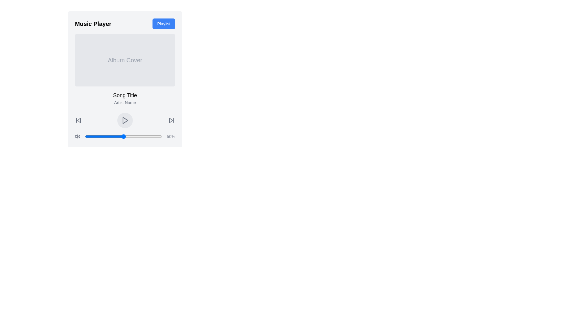 The image size is (573, 322). Describe the element at coordinates (164, 24) in the screenshot. I see `the 'Playlist' button located in the top-right corner of the interface` at that location.